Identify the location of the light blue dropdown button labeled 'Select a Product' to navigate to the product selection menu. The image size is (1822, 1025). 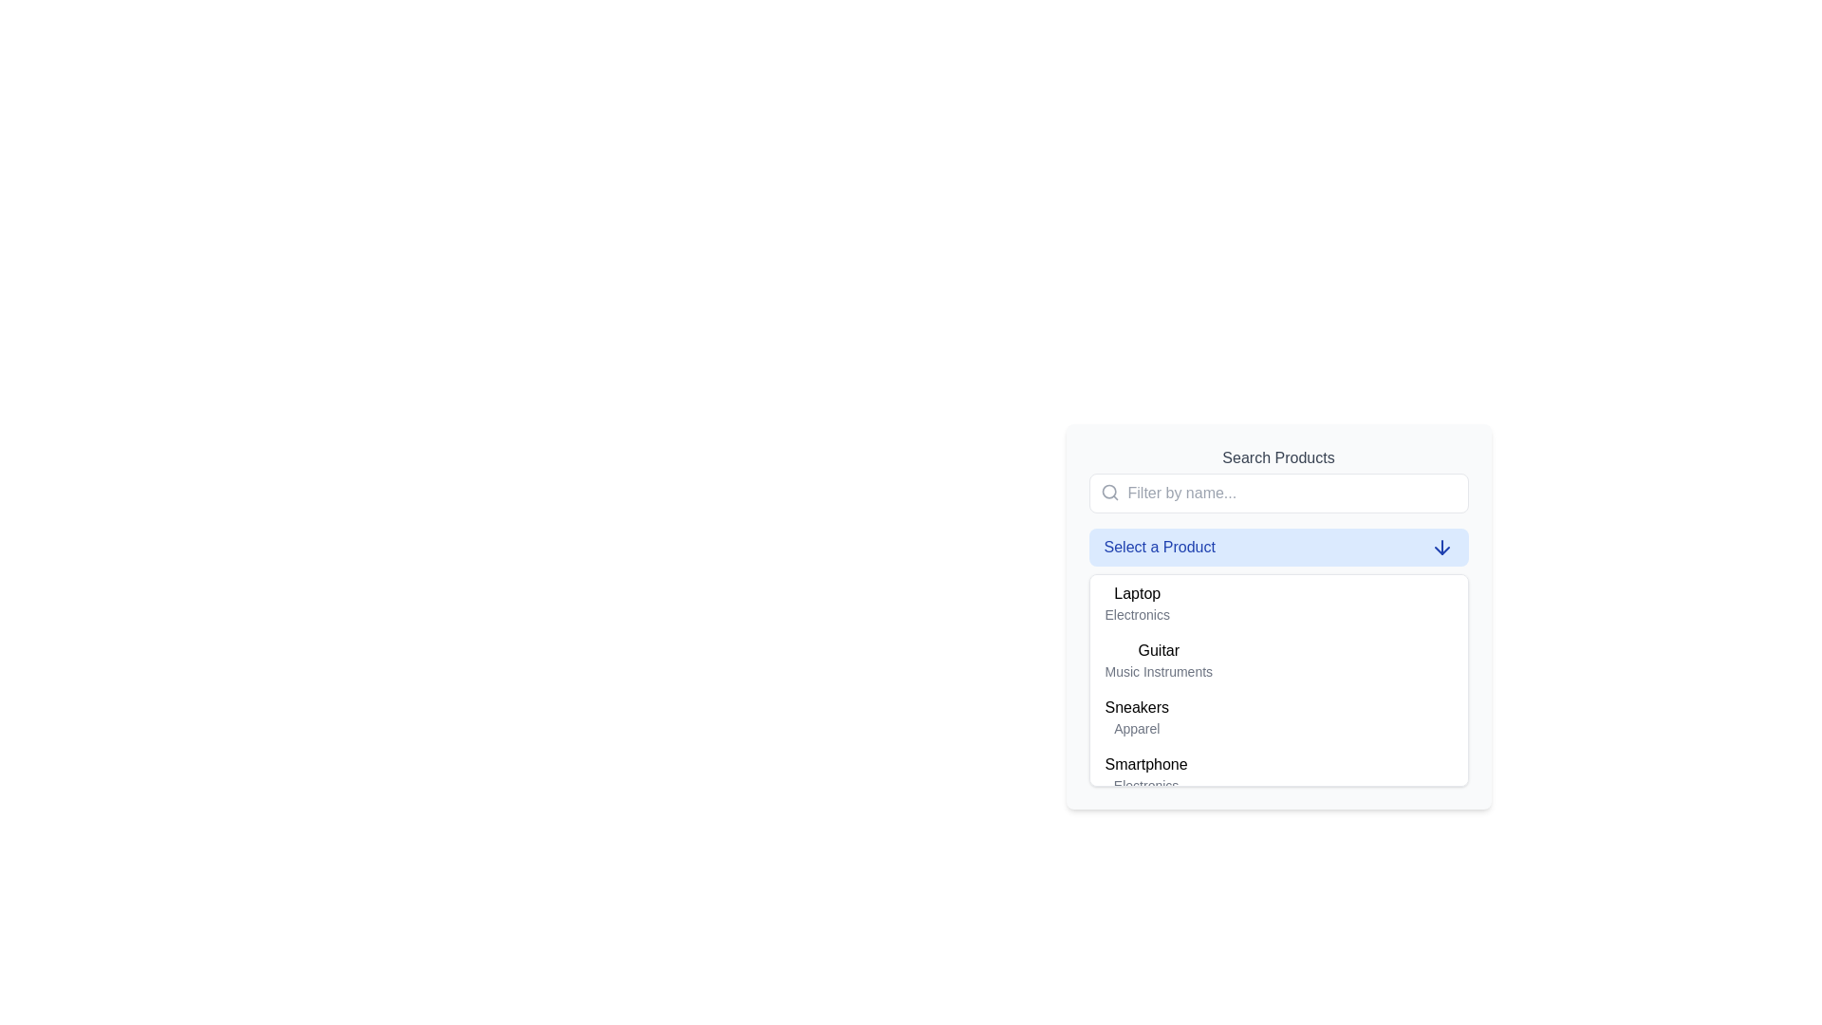
(1278, 548).